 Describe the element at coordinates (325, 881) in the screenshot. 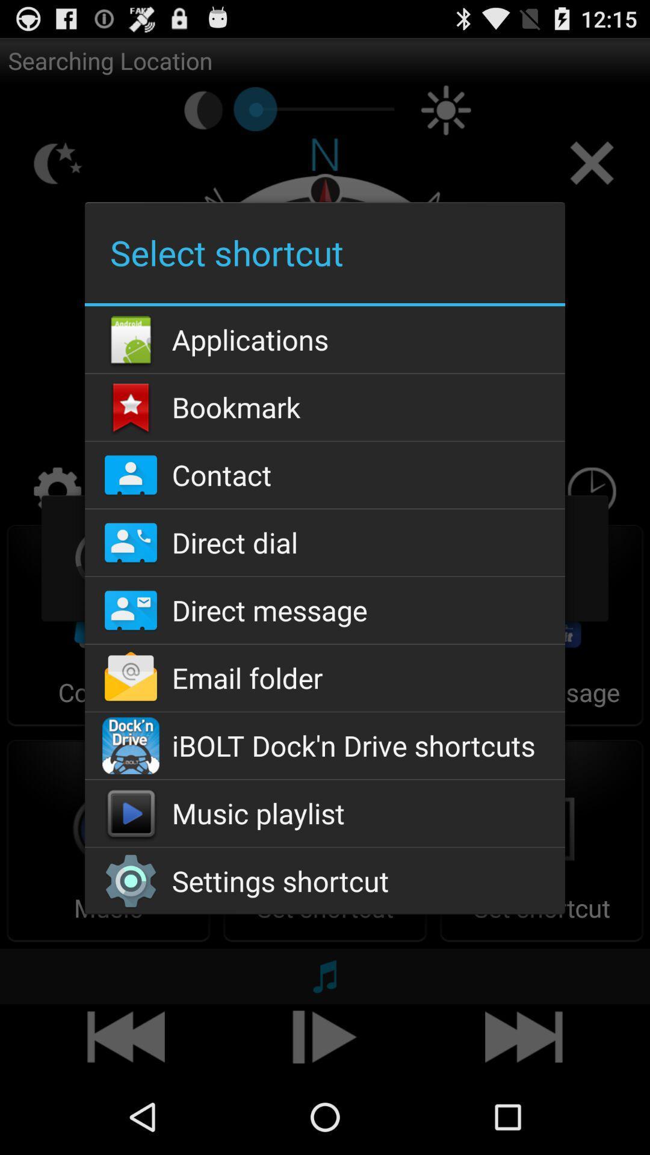

I see `the icon below the music playlist app` at that location.